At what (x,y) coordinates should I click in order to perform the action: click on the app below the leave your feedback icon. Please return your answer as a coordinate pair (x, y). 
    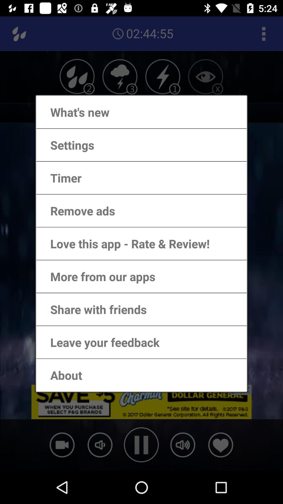
    Looking at the image, I should click on (61, 375).